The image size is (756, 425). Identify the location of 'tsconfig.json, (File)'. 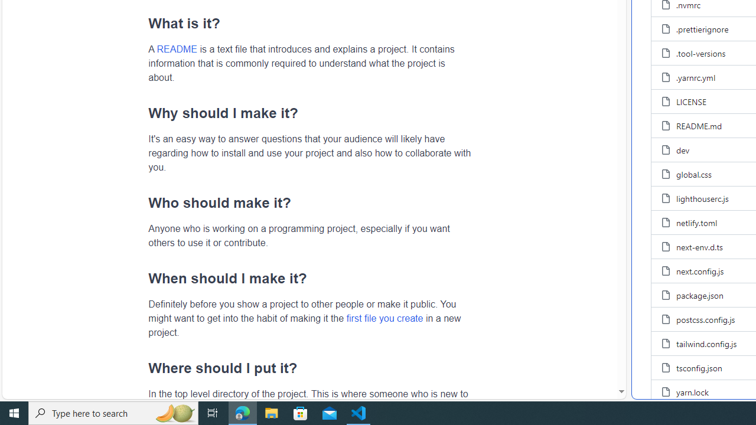
(699, 367).